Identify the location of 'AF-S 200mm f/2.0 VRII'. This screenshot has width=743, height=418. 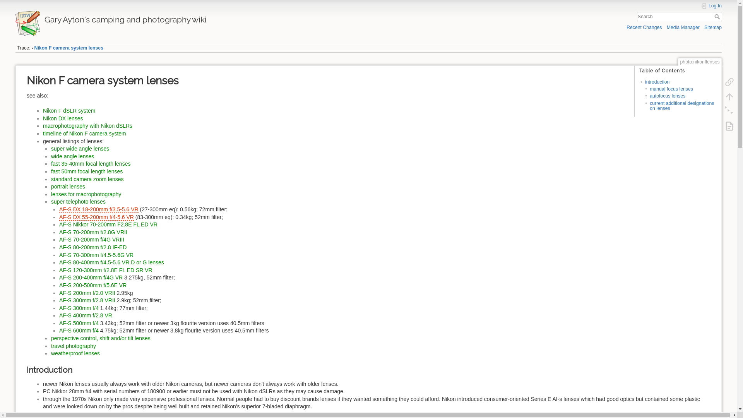
(87, 293).